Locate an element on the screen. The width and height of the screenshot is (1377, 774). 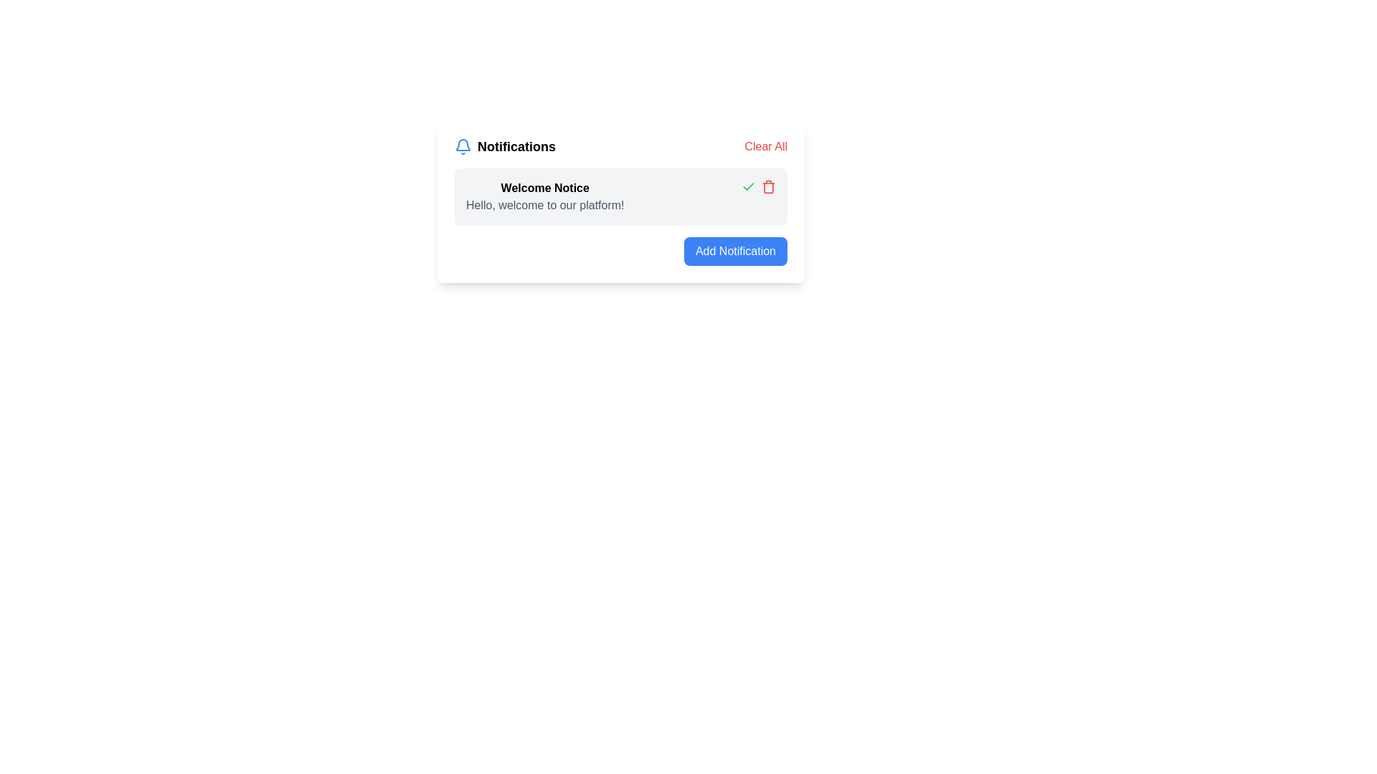
the button located at the bottom right side of the notification panel is located at coordinates (736, 251).